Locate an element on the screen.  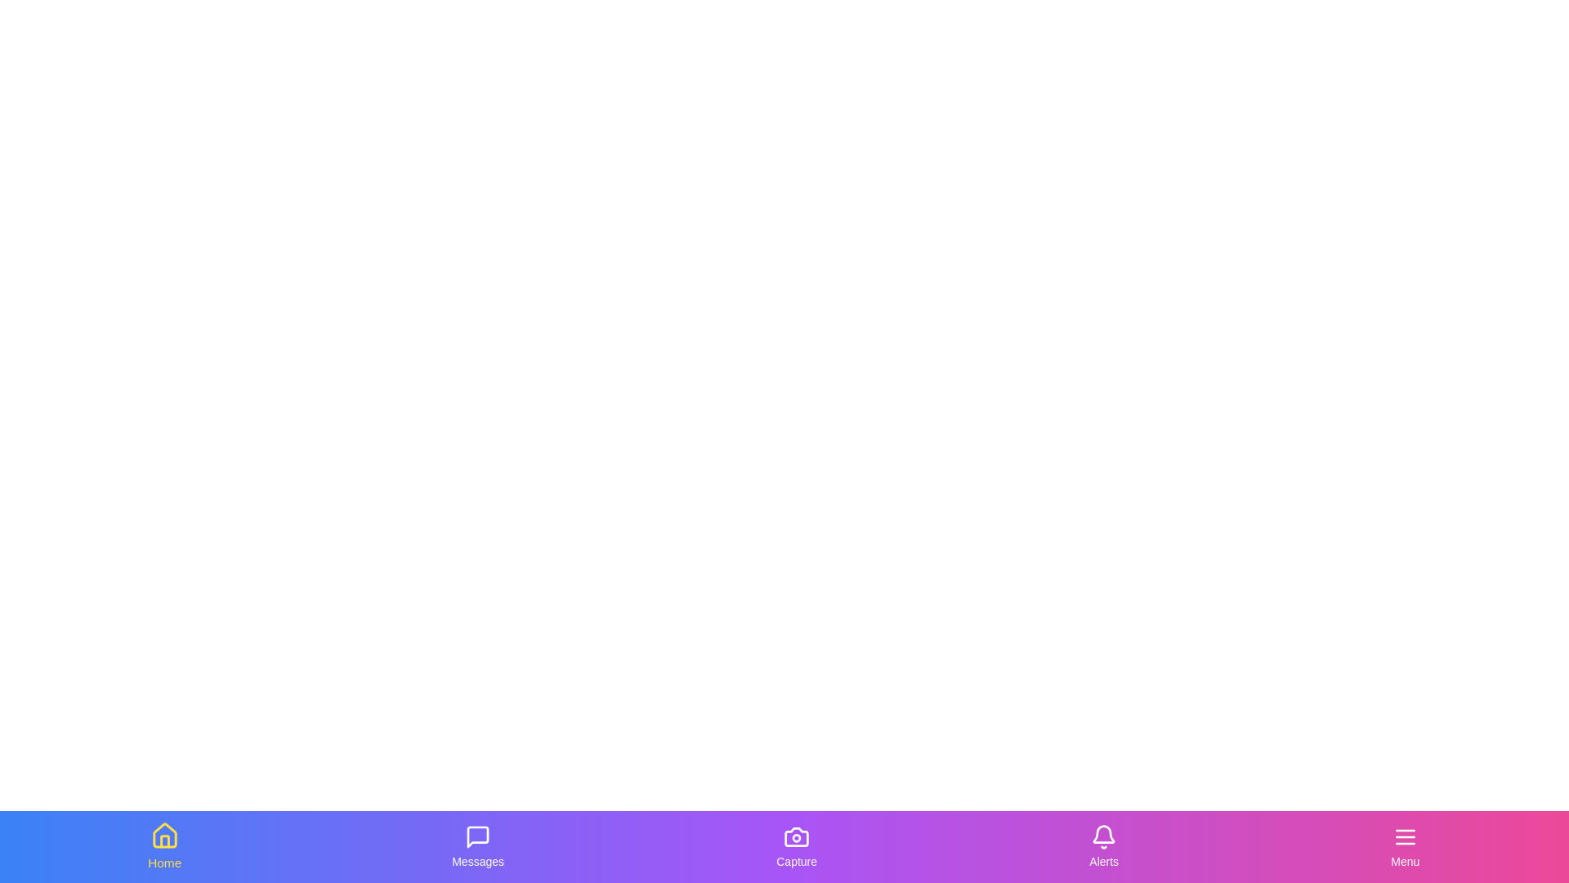
the tab labeled Menu to observe its visual feedback is located at coordinates (1403, 846).